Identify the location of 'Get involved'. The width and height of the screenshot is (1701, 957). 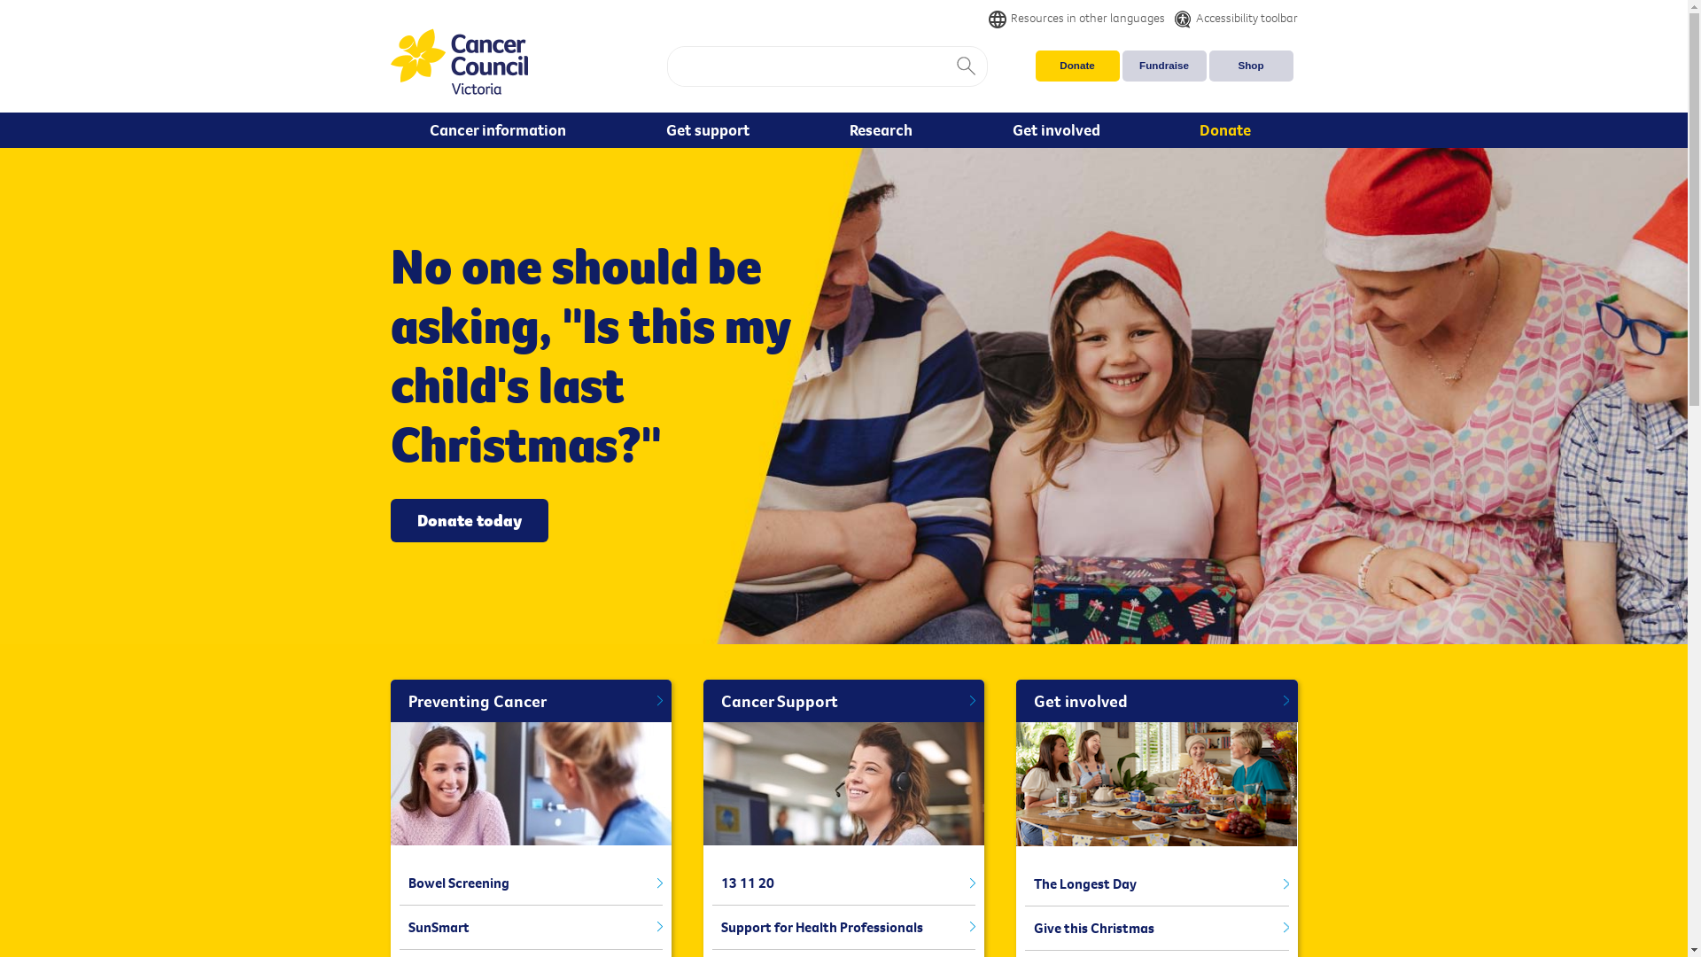
(1156, 700).